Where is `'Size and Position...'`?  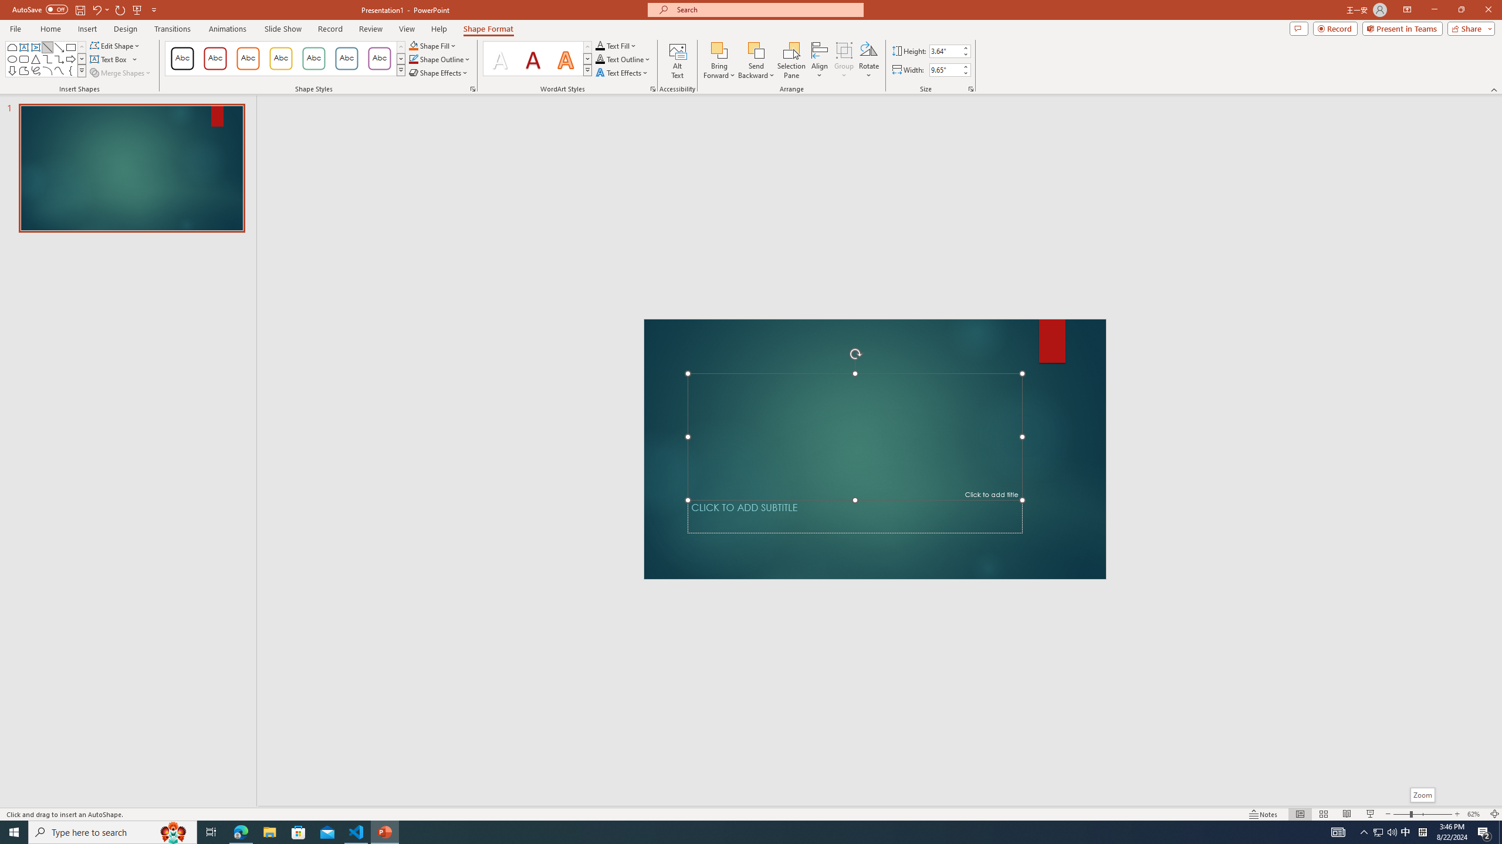 'Size and Position...' is located at coordinates (971, 88).